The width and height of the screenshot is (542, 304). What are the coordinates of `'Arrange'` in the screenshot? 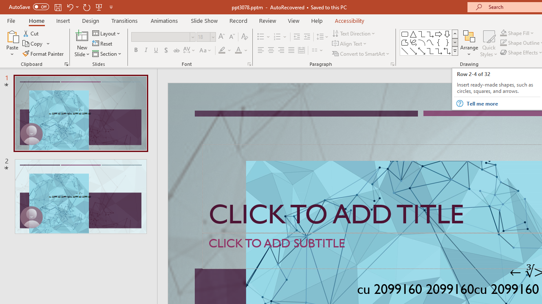 It's located at (469, 43).